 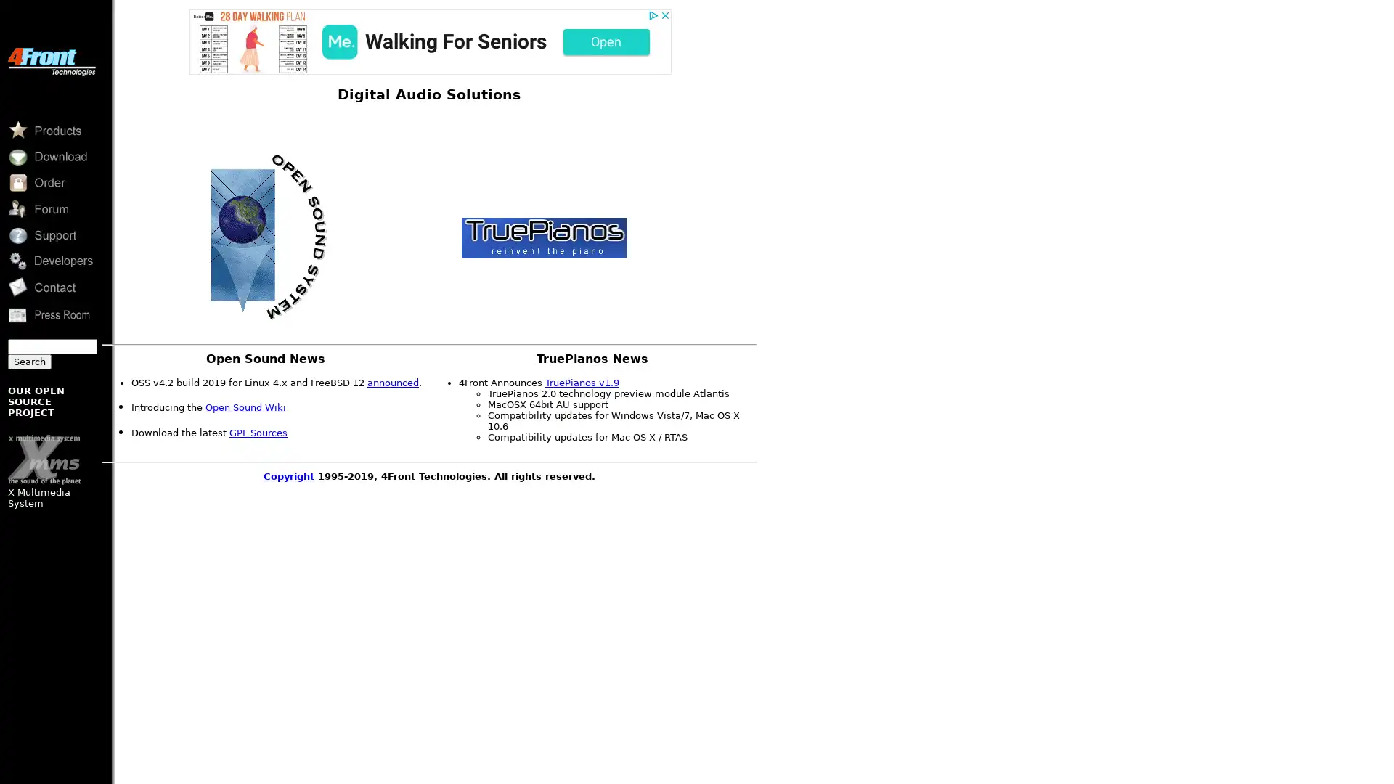 I want to click on Search, so click(x=30, y=361).